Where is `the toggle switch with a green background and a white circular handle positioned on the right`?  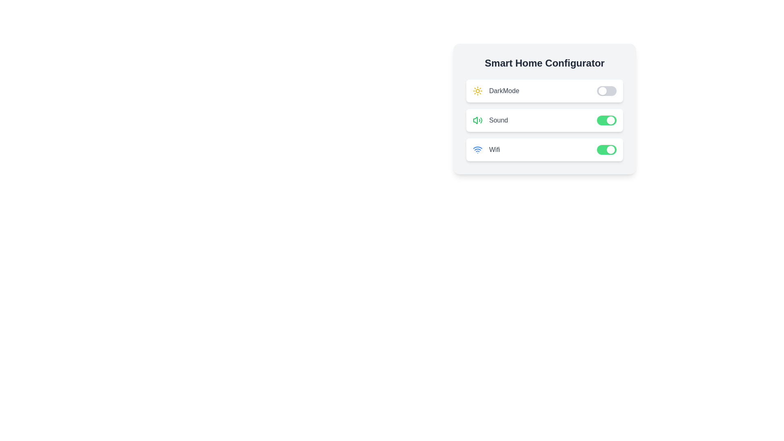 the toggle switch with a green background and a white circular handle positioned on the right is located at coordinates (607, 120).